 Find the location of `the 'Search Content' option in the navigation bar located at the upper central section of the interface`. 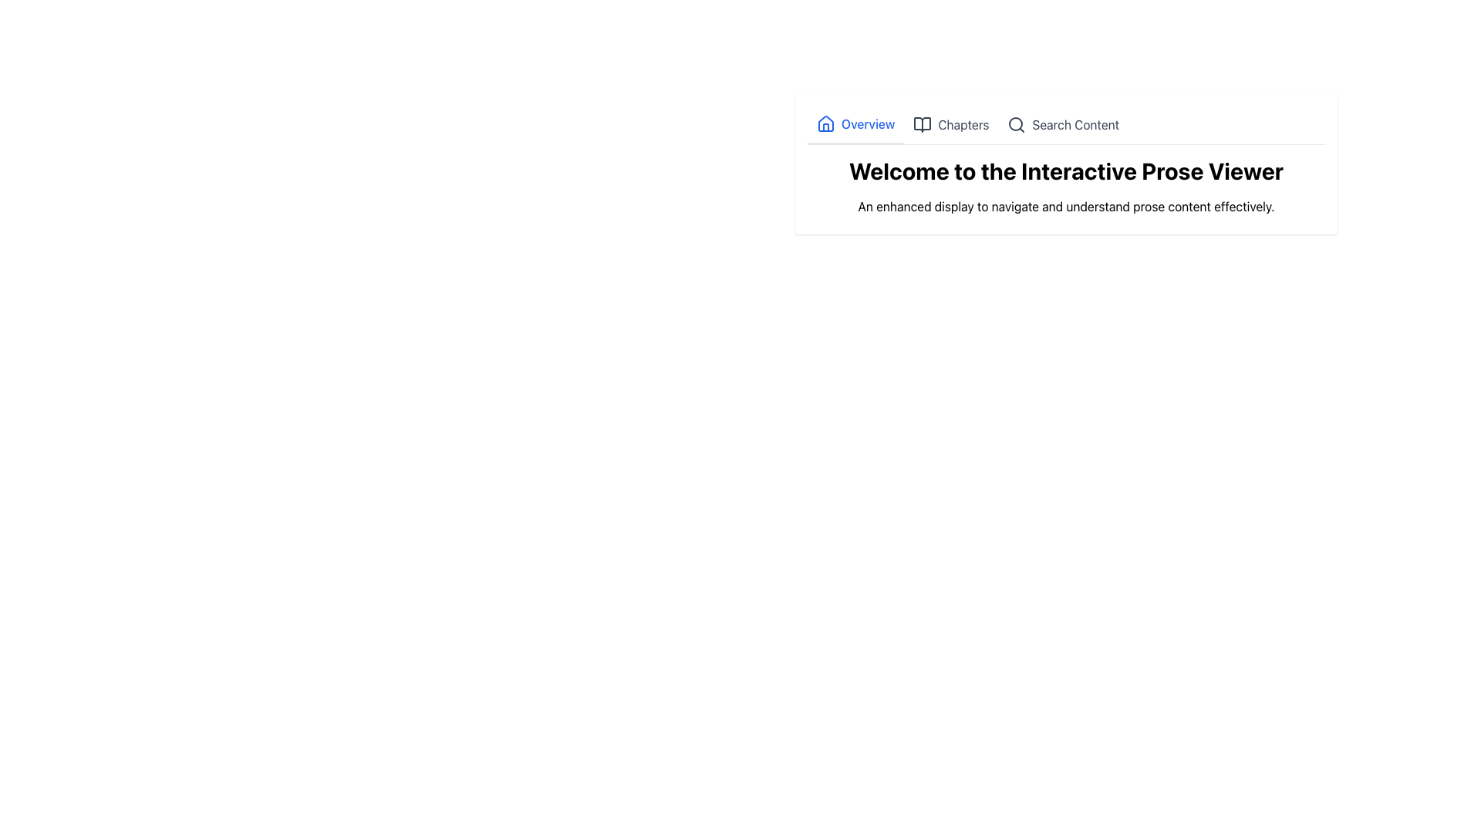

the 'Search Content' option in the navigation bar located at the upper central section of the interface is located at coordinates (1065, 124).